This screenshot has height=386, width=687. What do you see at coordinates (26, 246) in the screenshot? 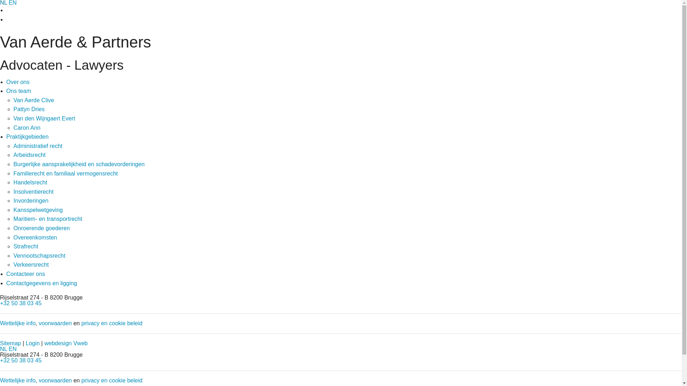
I see `'Strafrecht'` at bounding box center [26, 246].